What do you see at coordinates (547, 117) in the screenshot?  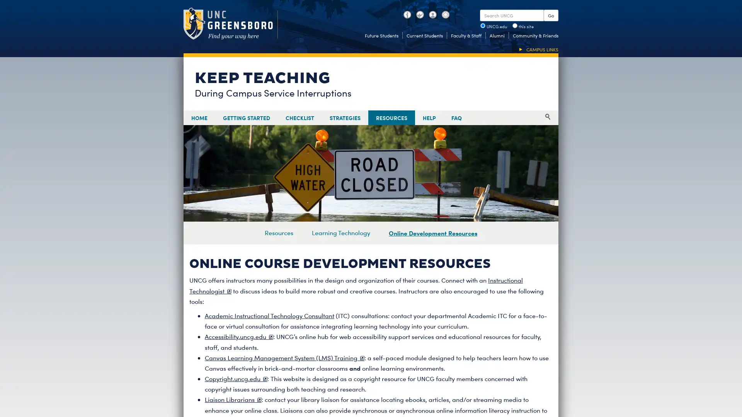 I see `Search search` at bounding box center [547, 117].